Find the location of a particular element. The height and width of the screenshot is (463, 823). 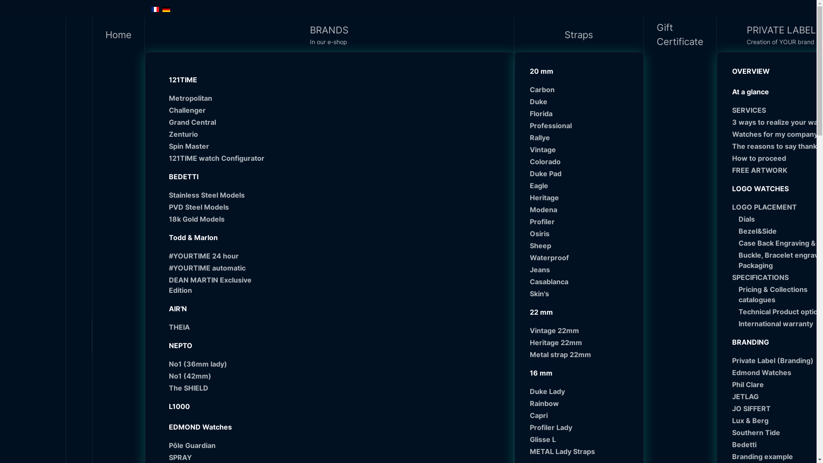

'121TIME' is located at coordinates (213, 79).